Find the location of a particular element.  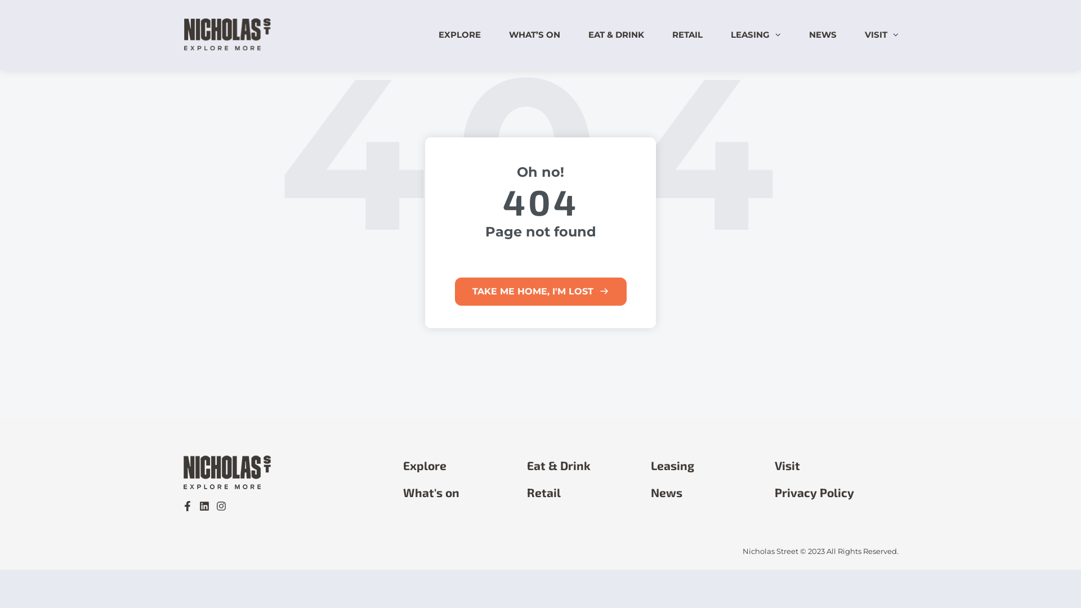

'Nicholas Street Precinct' is located at coordinates (228, 48).